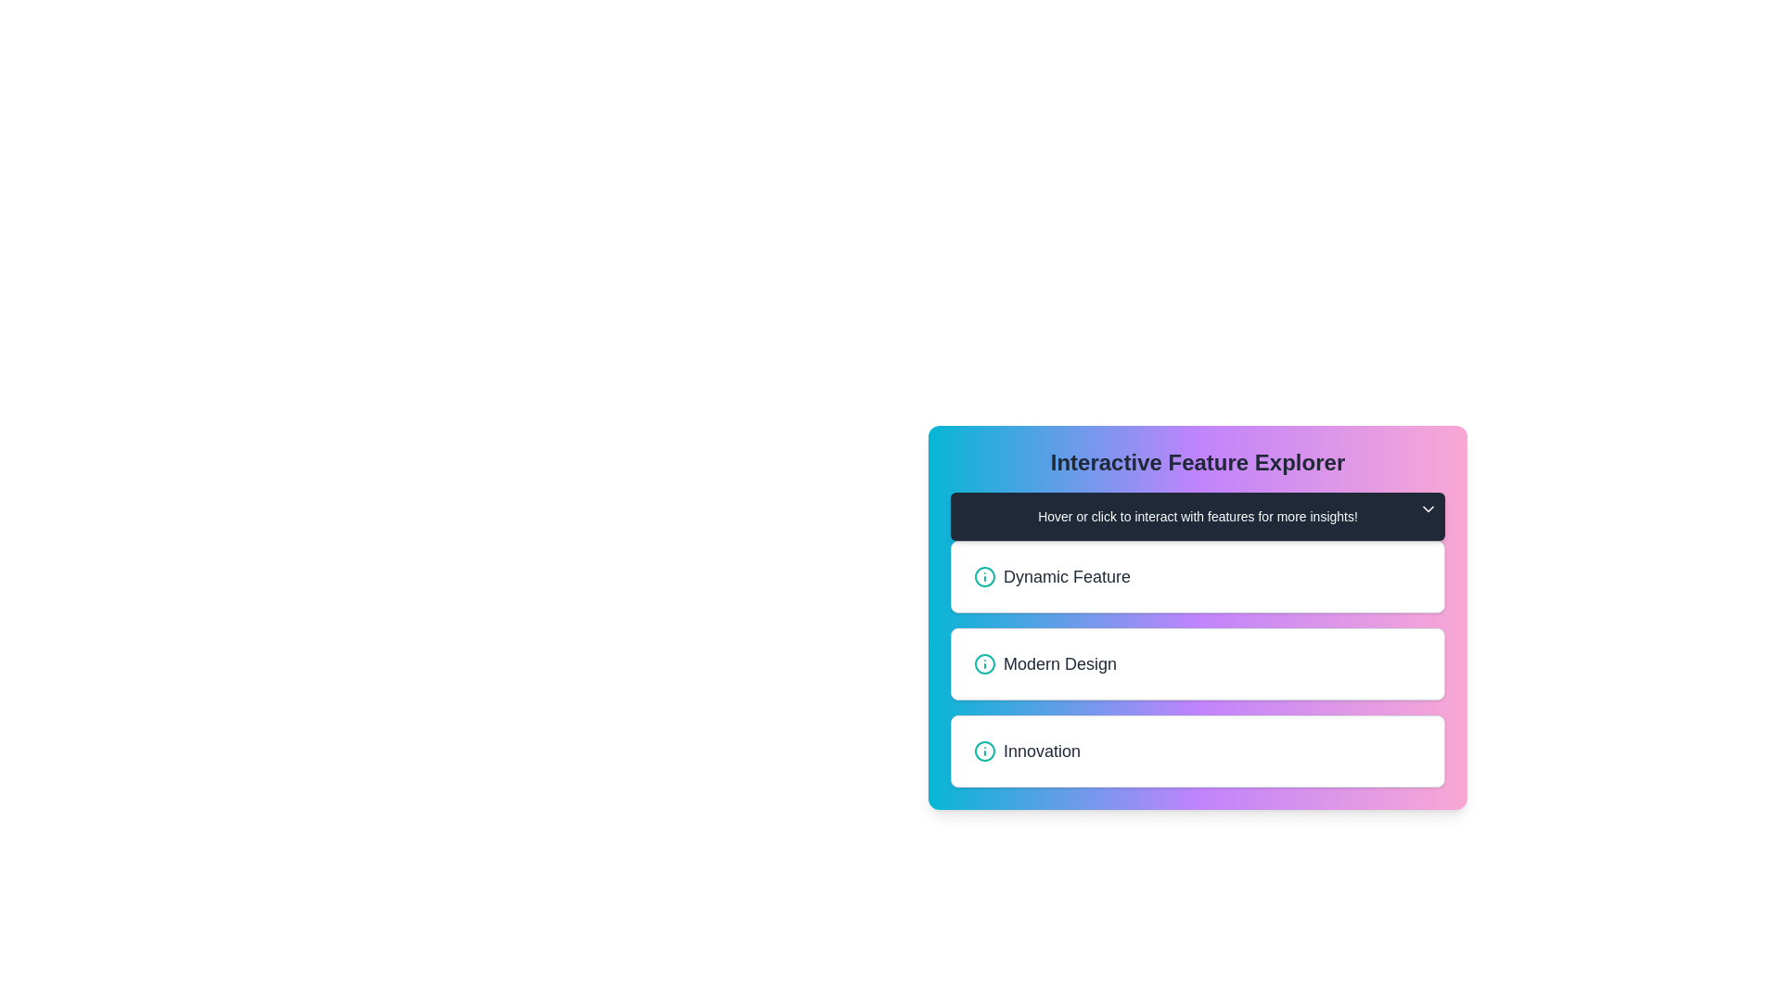  What do you see at coordinates (983, 663) in the screenshot?
I see `the informational icon located to the left of the 'Modern Design' label in the second row of the 'Interactive Feature Explorer' list` at bounding box center [983, 663].